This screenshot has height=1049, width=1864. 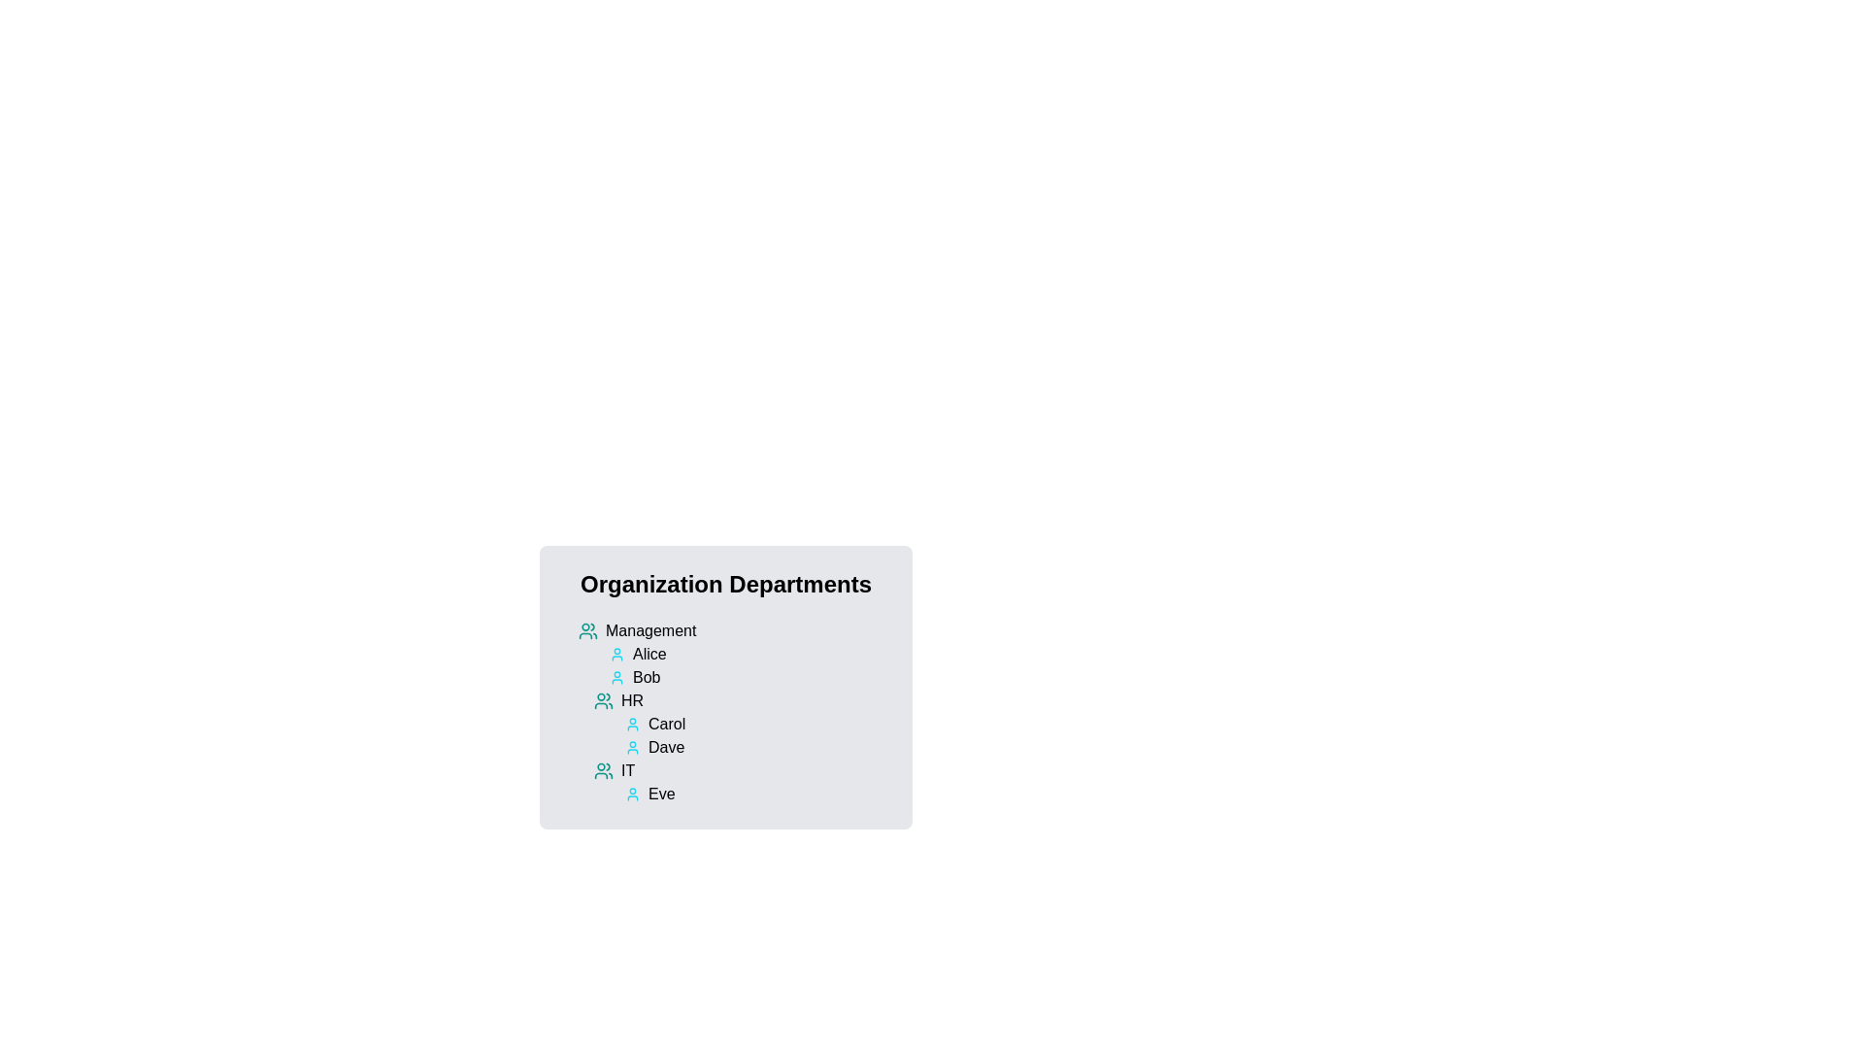 I want to click on the department name associated with the 'IT' text label, which is styled with a medium weight font and positioned in the bottom-left part of the 'Organization Departments' card, so click(x=628, y=770).